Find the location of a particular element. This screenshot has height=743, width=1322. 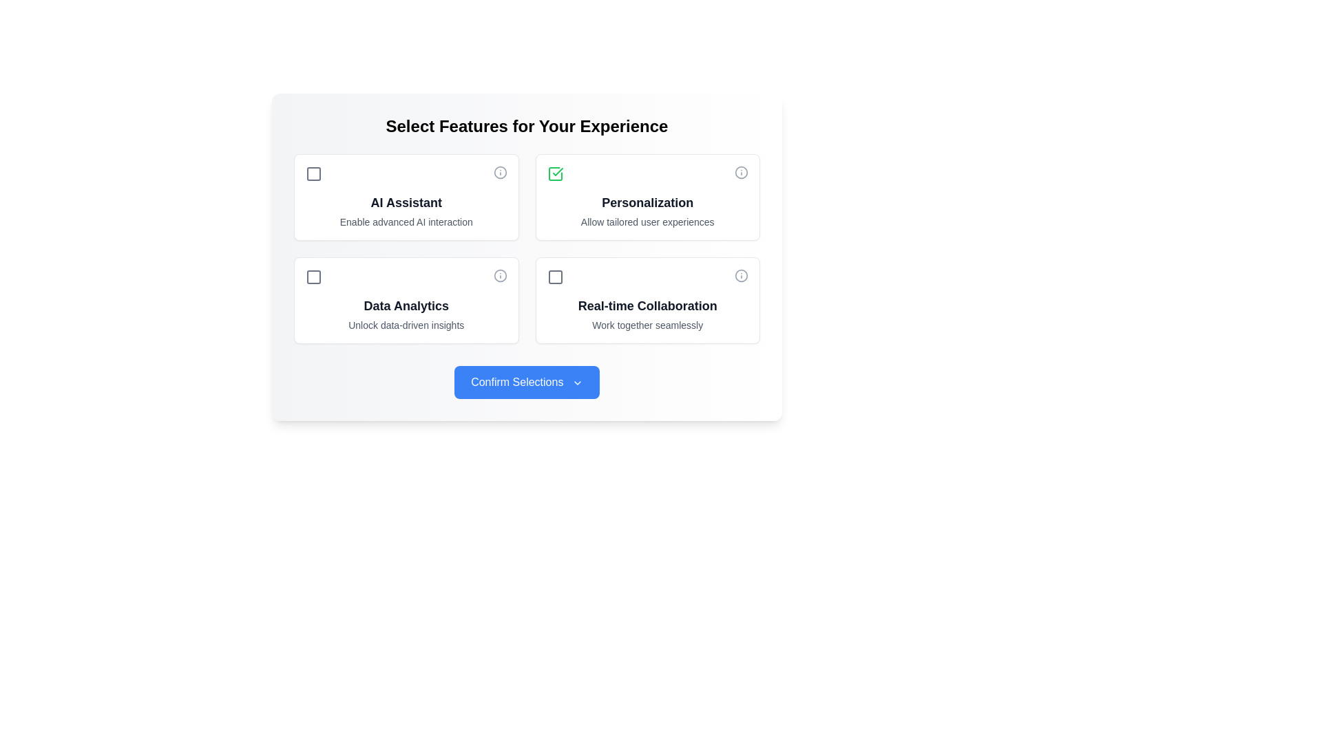

the green checkbox mark styled as a sharp checkmark within the 'Personalization' feature card in the feature selection modal is located at coordinates (558, 171).